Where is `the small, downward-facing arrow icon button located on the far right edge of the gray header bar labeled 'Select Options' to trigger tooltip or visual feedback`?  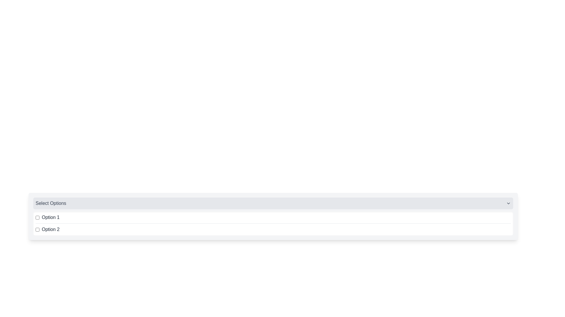
the small, downward-facing arrow icon button located on the far right edge of the gray header bar labeled 'Select Options' to trigger tooltip or visual feedback is located at coordinates (508, 203).